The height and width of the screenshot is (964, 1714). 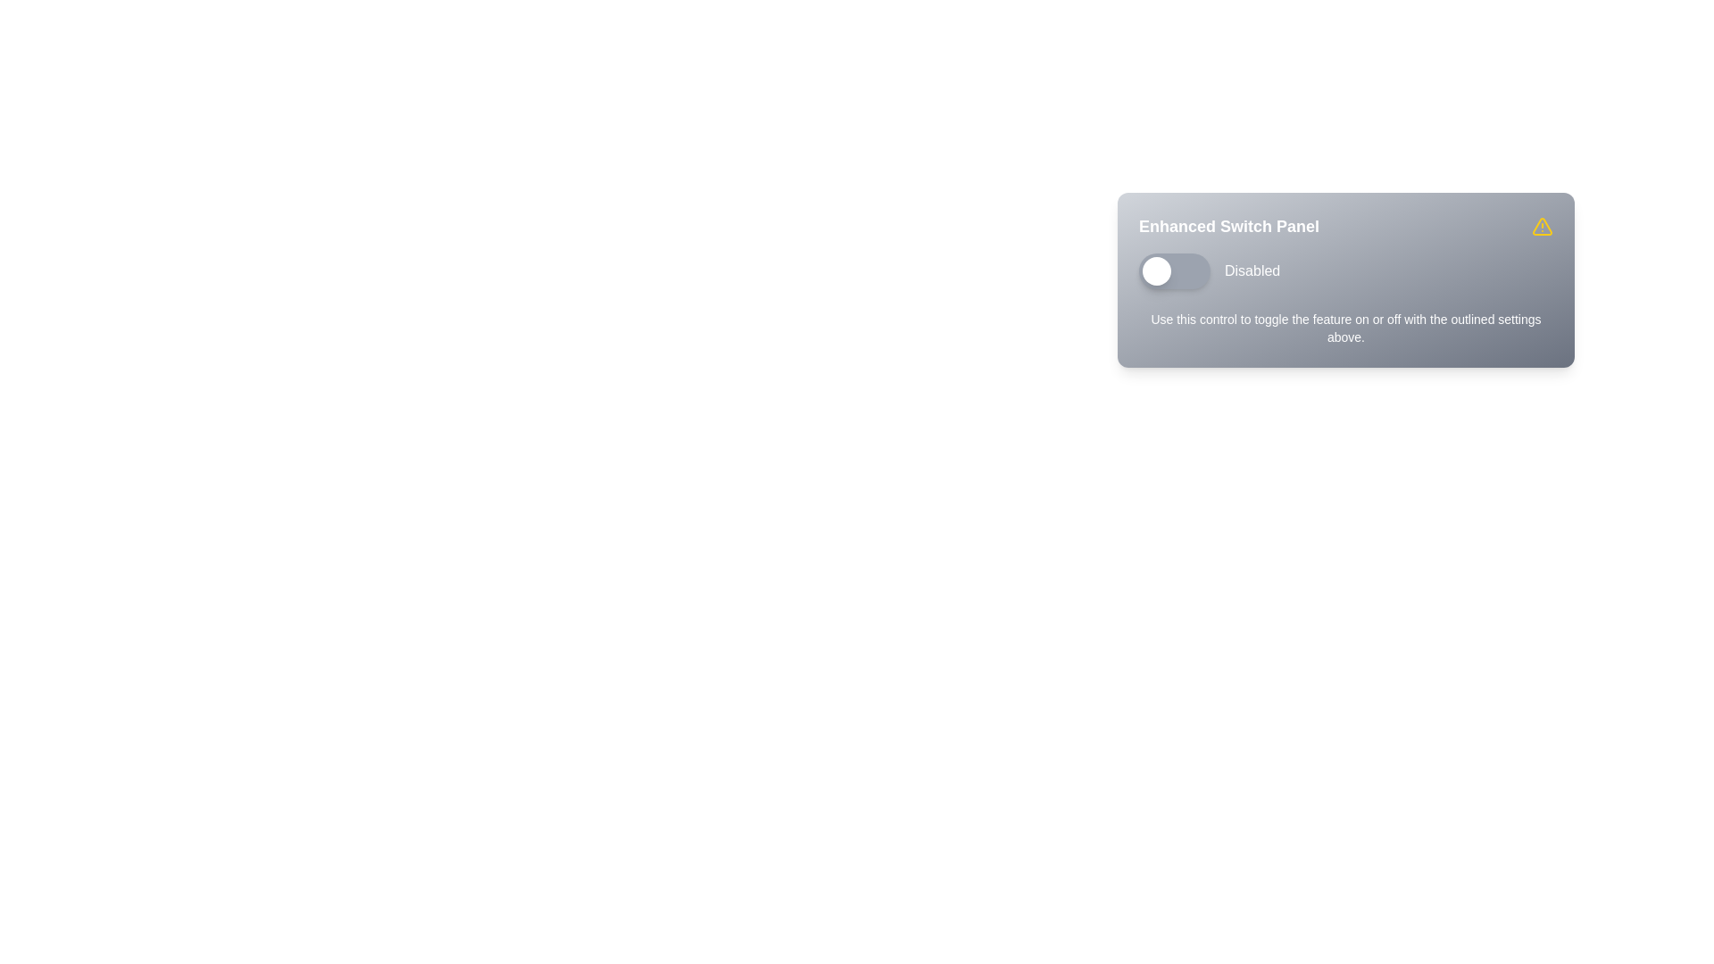 I want to click on the warning alert SVG graphic located in the top-right corner of the gray 'Enhanced Switch Panel', so click(x=1542, y=226).